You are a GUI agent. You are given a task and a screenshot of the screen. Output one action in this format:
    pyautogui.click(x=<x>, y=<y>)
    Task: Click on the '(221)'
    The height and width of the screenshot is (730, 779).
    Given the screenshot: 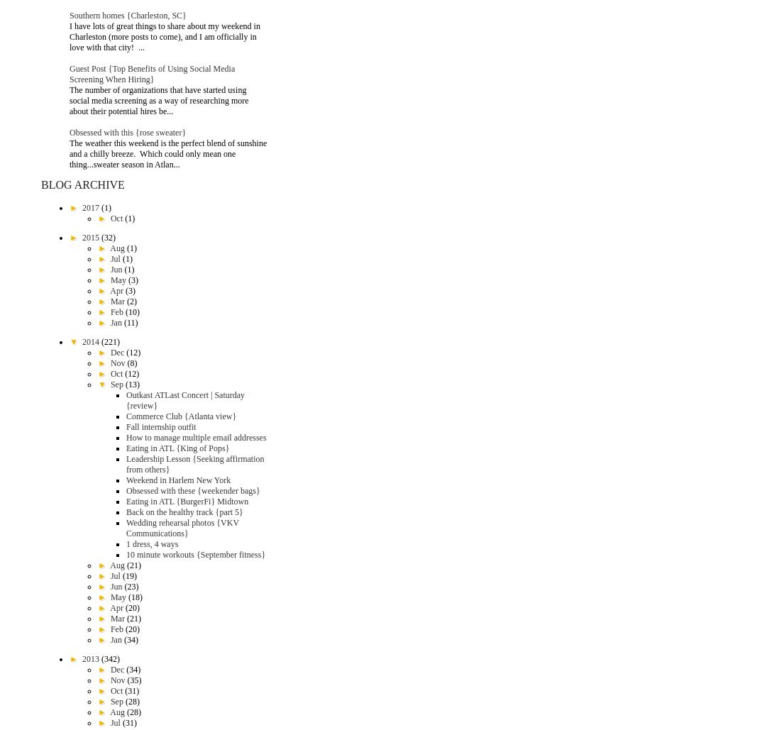 What is the action you would take?
    pyautogui.click(x=110, y=341)
    